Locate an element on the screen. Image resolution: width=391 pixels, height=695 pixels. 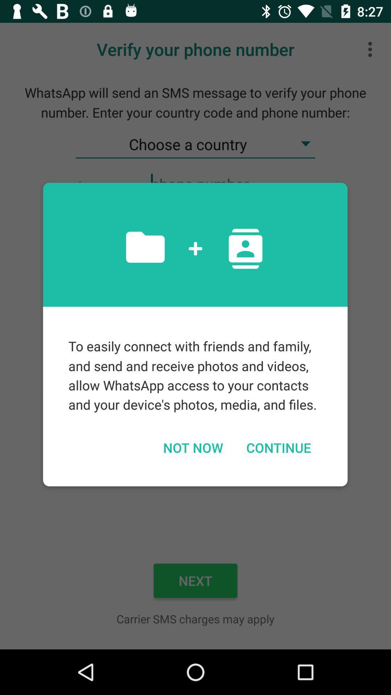
item below to easily connect is located at coordinates (278, 447).